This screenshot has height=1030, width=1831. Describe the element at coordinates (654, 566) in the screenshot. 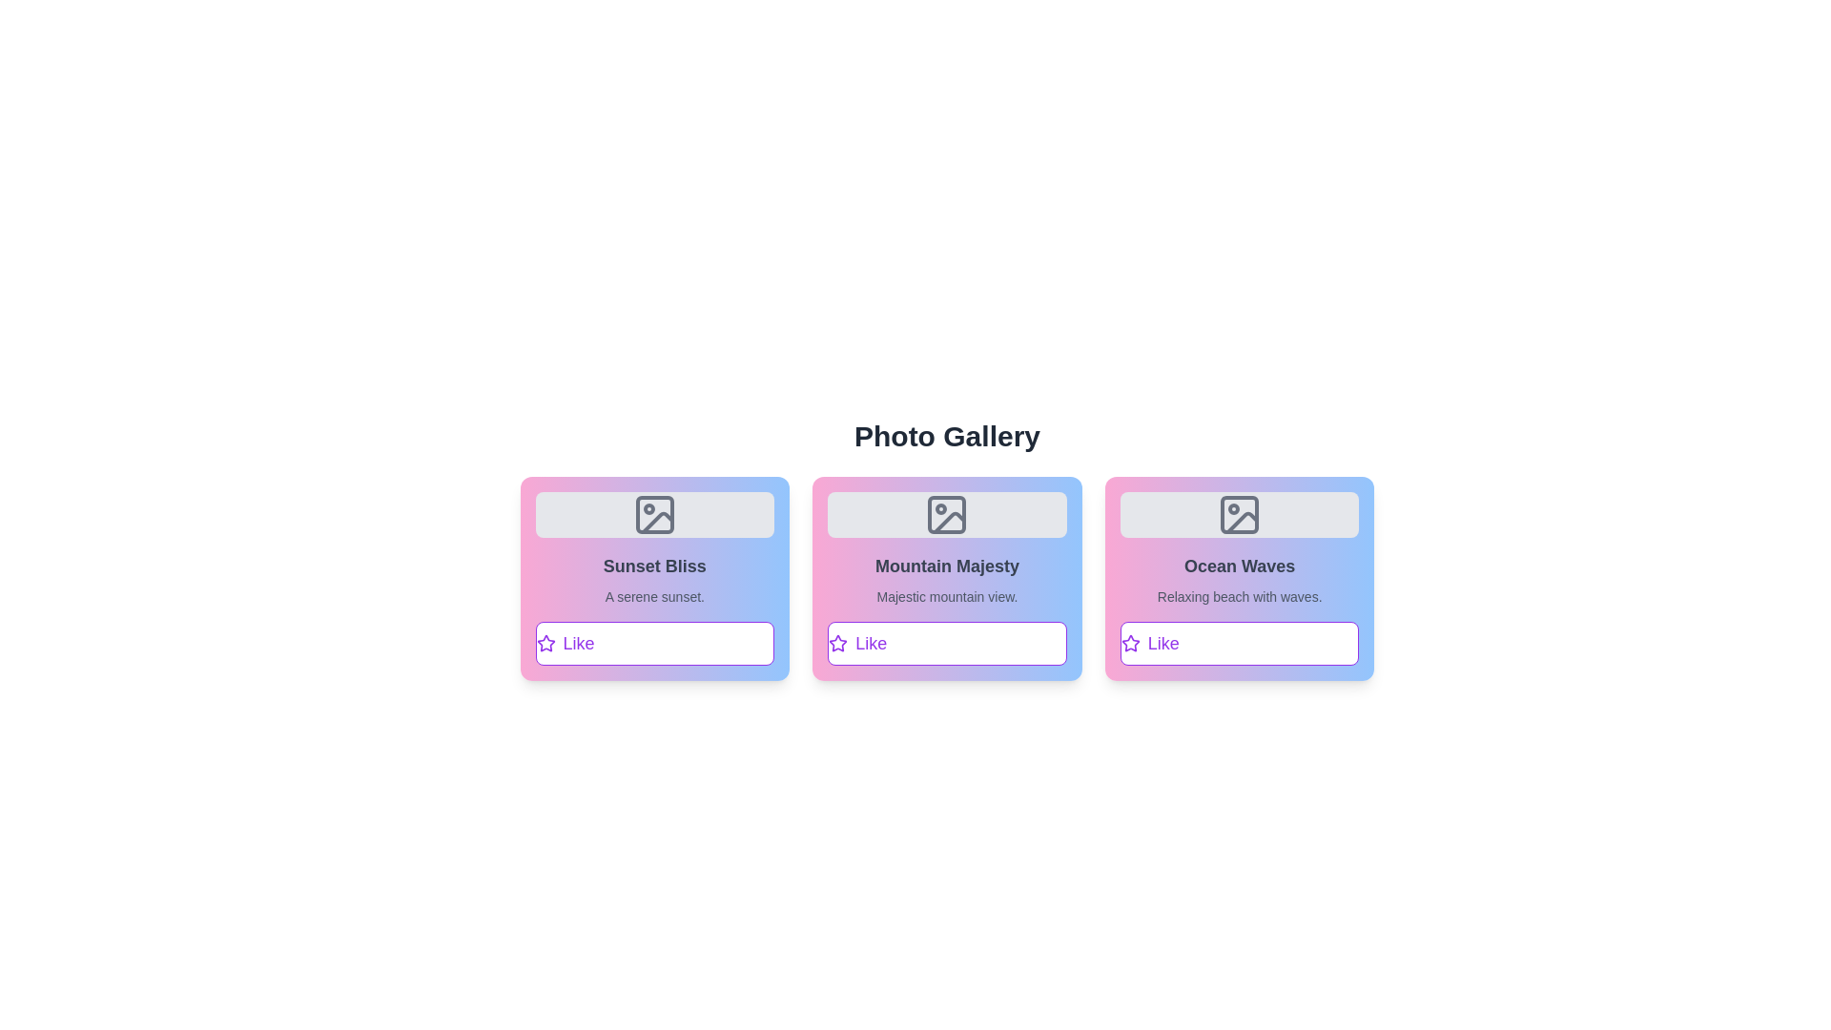

I see `the title of the photo Sunset Bliss for the user` at that location.